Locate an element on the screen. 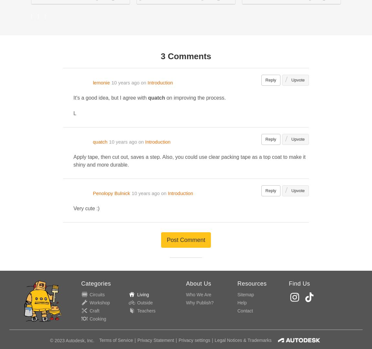 The height and width of the screenshot is (349, 372). 'Privacy settings' is located at coordinates (193, 340).